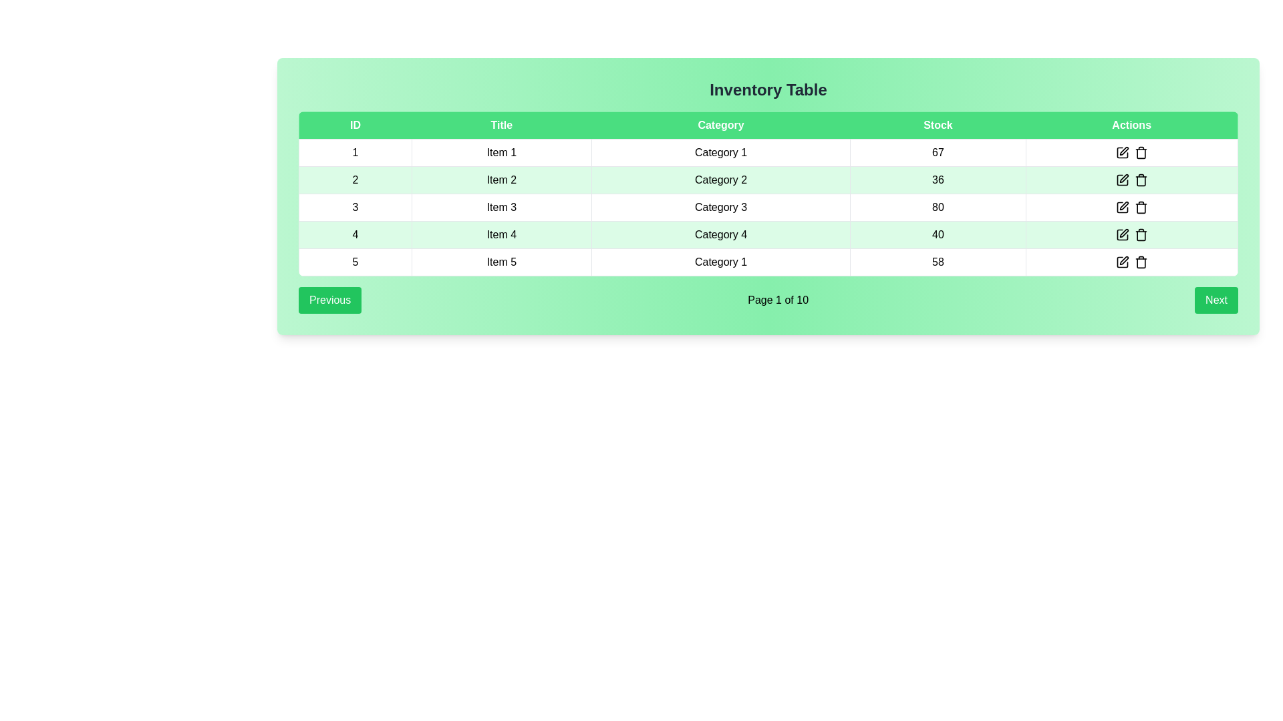  I want to click on the 'edit' icon button located in the 'Actions' column of the first row in the table to initiate the edit function, so click(1123, 152).